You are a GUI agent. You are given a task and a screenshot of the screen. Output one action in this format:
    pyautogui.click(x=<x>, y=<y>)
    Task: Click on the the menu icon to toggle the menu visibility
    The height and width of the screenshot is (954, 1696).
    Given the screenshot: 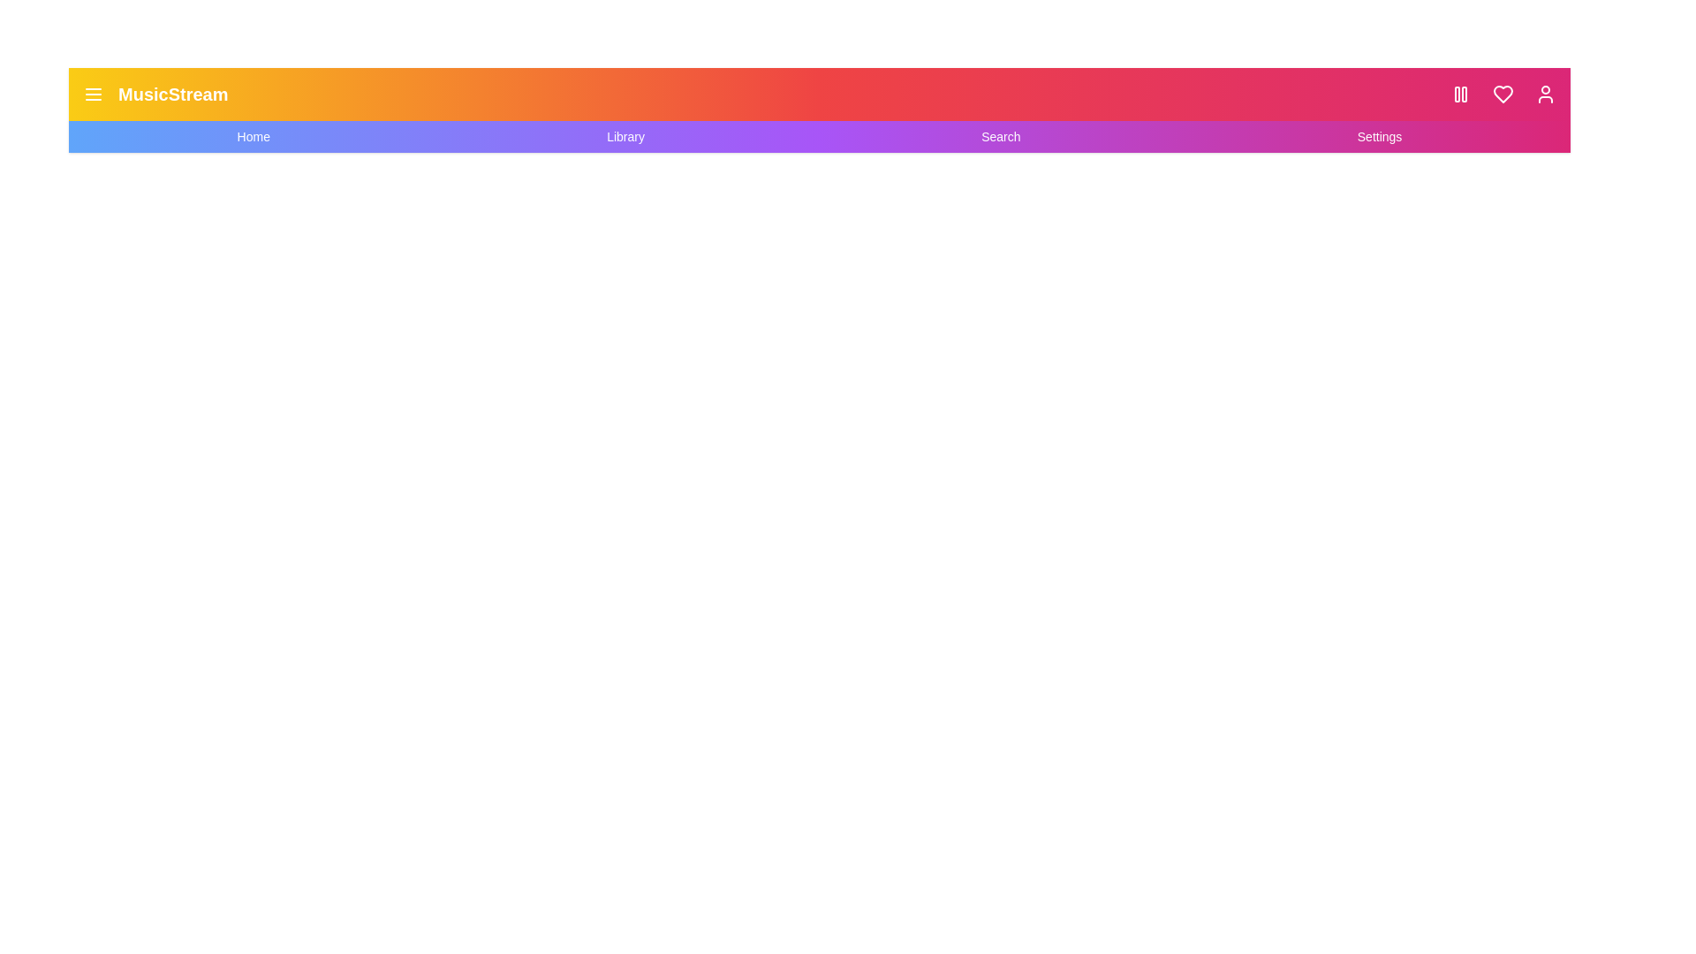 What is the action you would take?
    pyautogui.click(x=92, y=95)
    